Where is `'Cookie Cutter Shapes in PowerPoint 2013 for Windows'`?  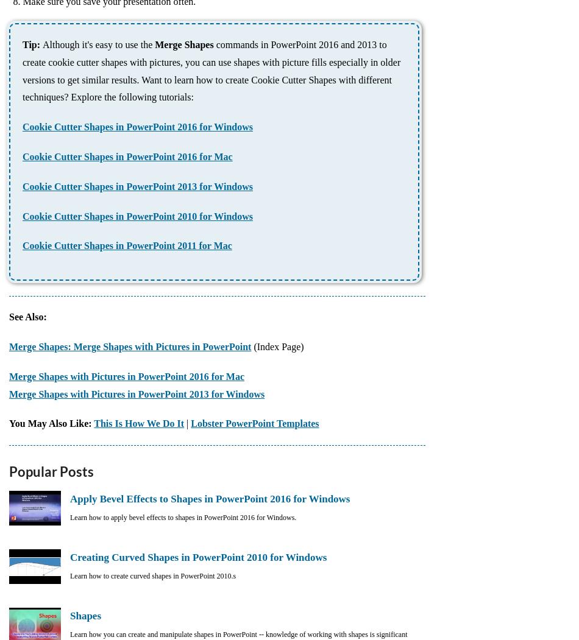
'Cookie Cutter Shapes in PowerPoint 2013 for Windows' is located at coordinates (22, 185).